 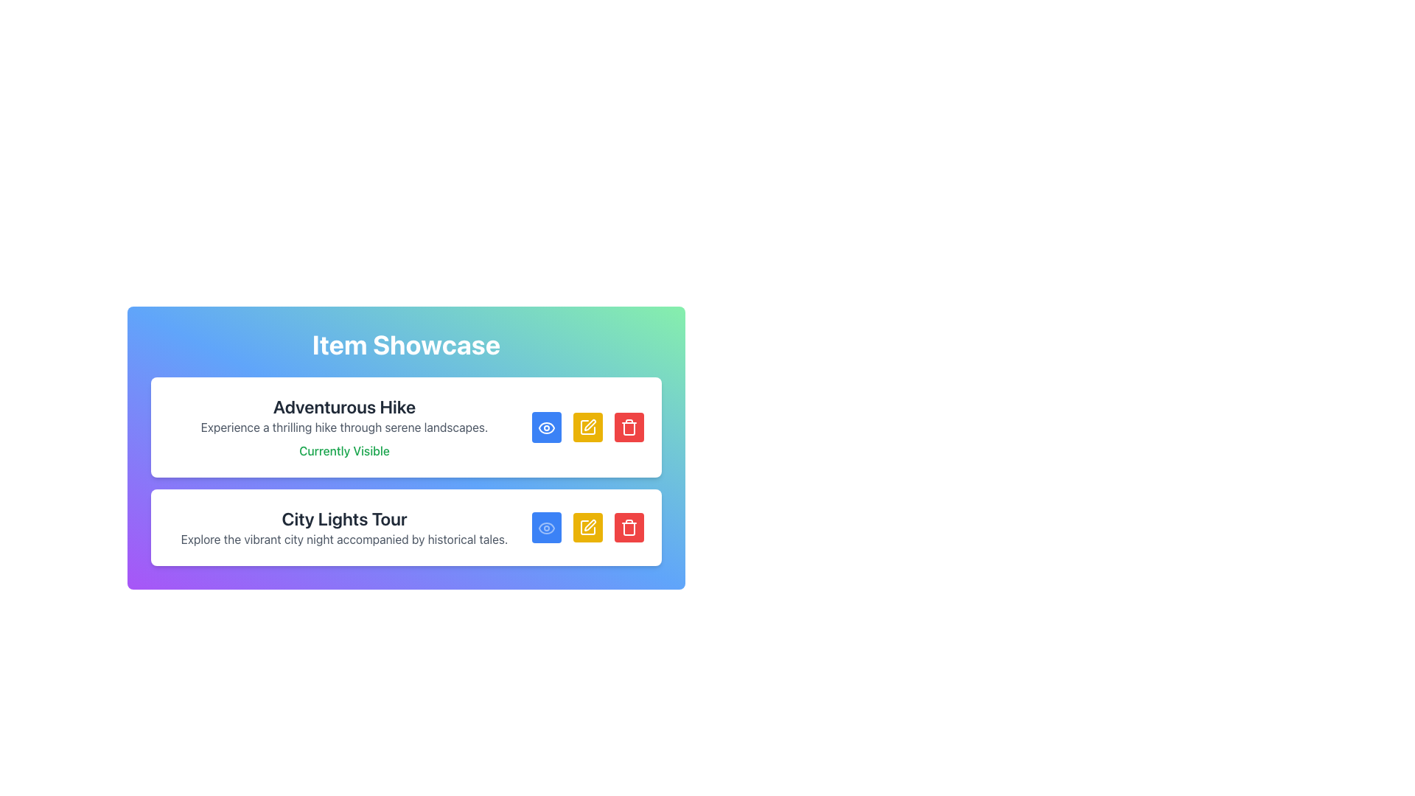 What do you see at coordinates (406, 472) in the screenshot?
I see `the content block that displays detailed information about an item, located below the title 'Adventurous Hike'` at bounding box center [406, 472].